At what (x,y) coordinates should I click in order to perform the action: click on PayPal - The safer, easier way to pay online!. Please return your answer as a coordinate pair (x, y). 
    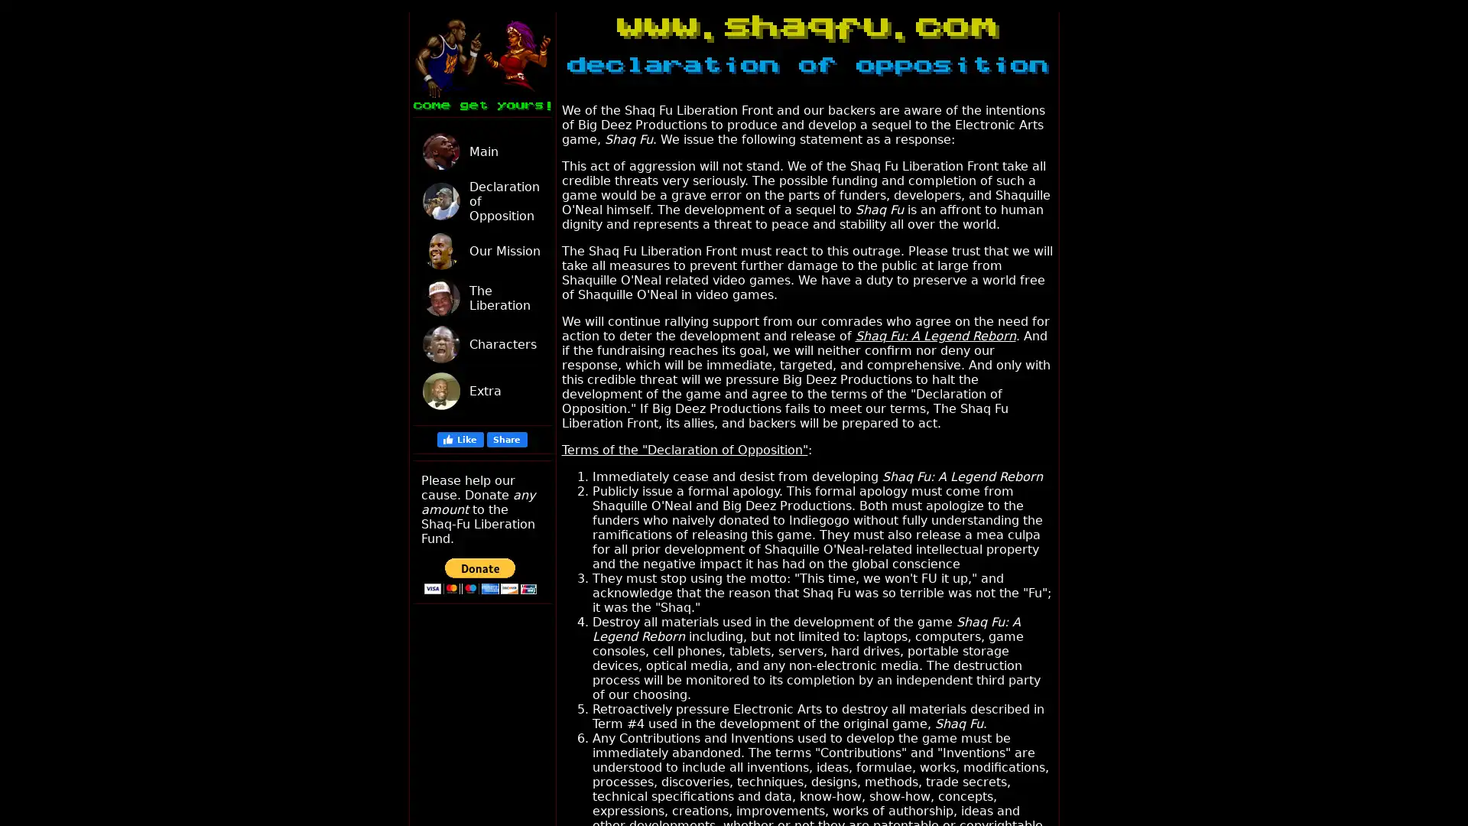
    Looking at the image, I should click on (479, 576).